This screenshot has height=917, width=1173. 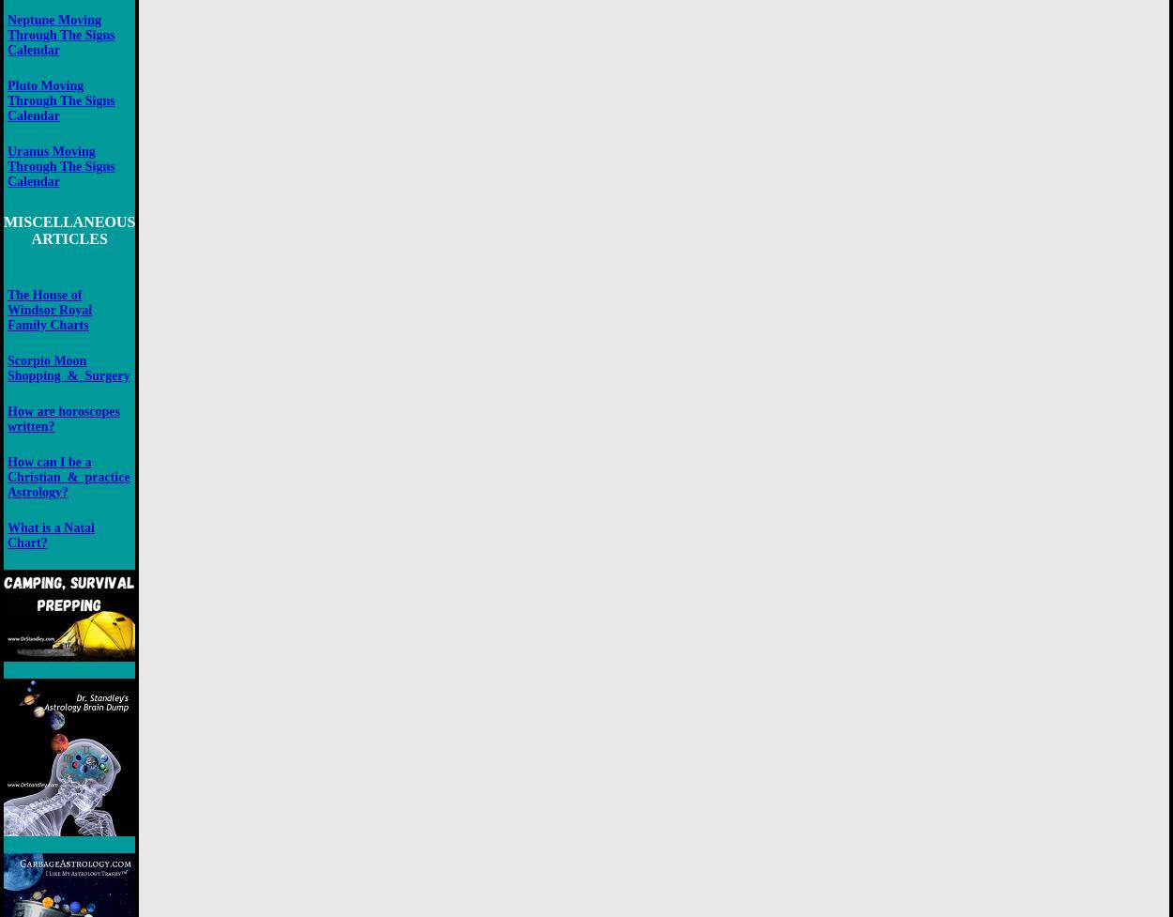 I want to click on 'What is a Natal Chart?', so click(x=51, y=533).